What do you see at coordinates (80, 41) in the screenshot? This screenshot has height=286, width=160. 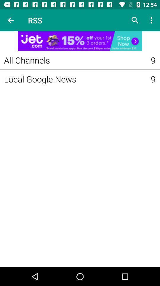 I see `share the article` at bounding box center [80, 41].